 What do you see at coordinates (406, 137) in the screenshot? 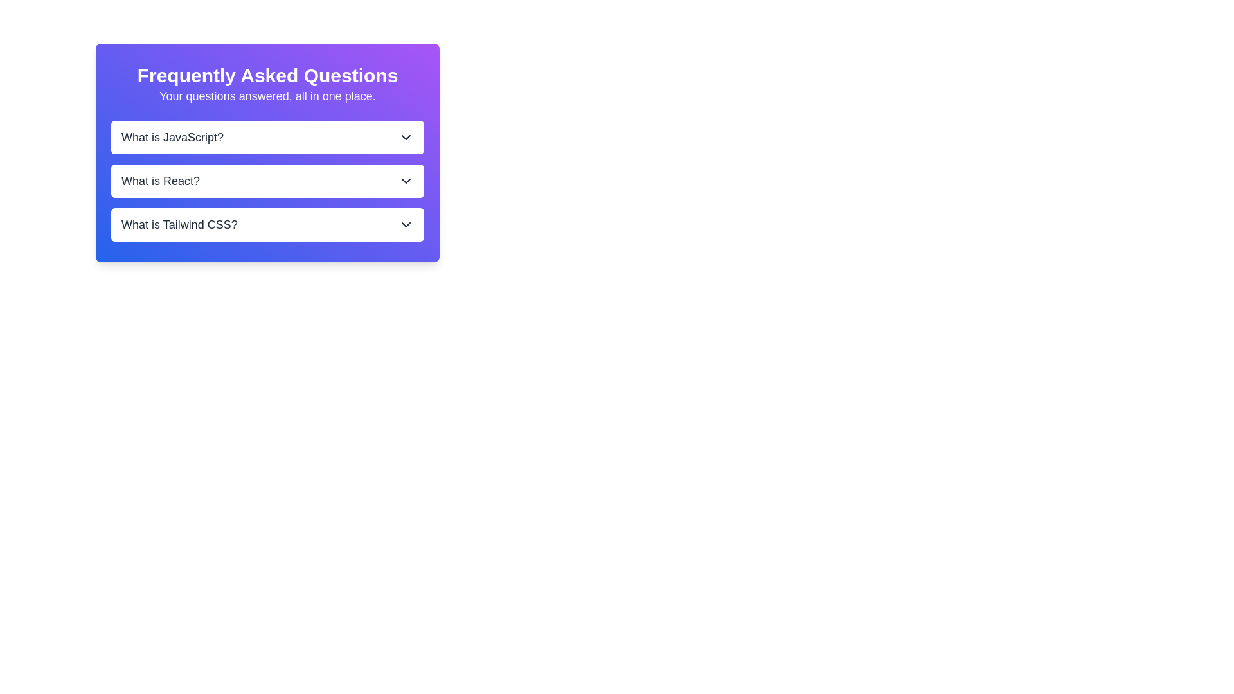
I see `the expand/collapse icon located to the right of the text 'What is JavaScript?'` at bounding box center [406, 137].